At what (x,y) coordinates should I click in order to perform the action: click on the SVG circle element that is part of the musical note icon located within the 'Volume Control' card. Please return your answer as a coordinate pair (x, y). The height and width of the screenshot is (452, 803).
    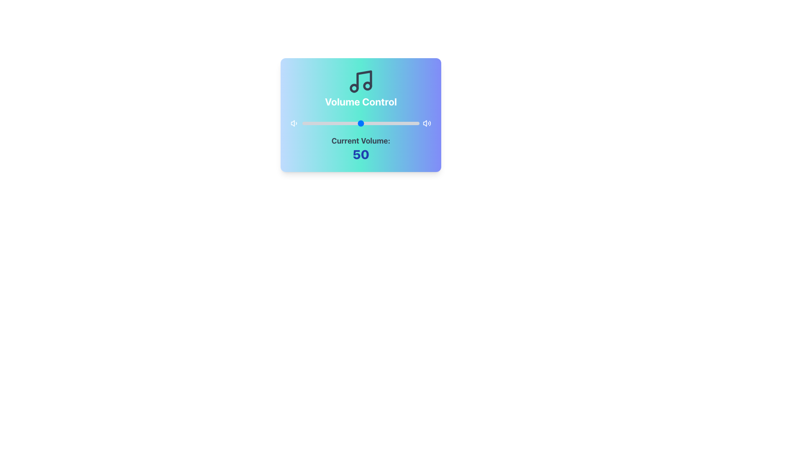
    Looking at the image, I should click on (367, 85).